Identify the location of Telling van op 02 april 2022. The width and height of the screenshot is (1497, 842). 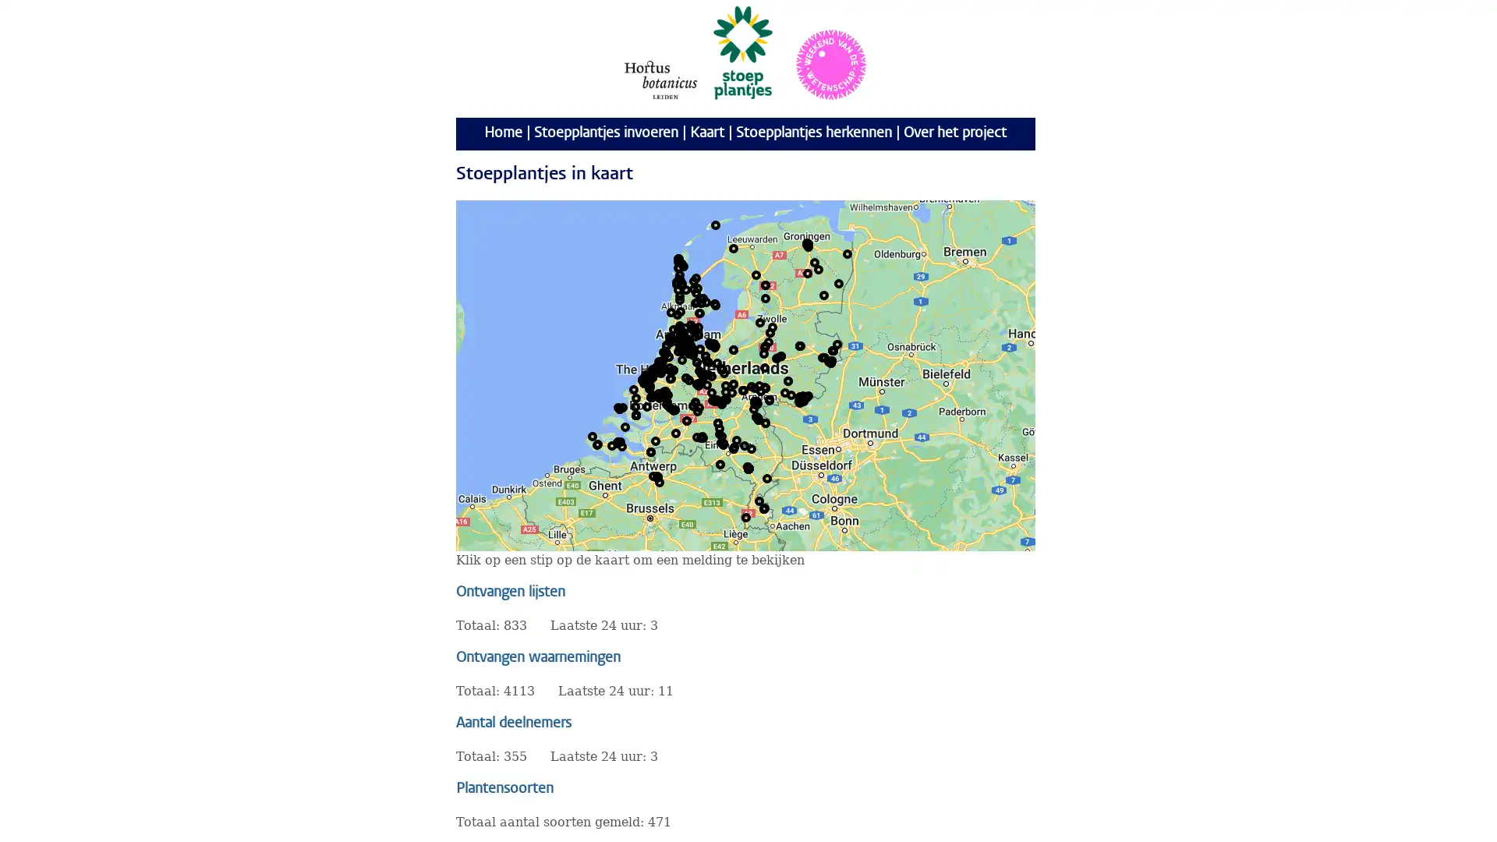
(681, 285).